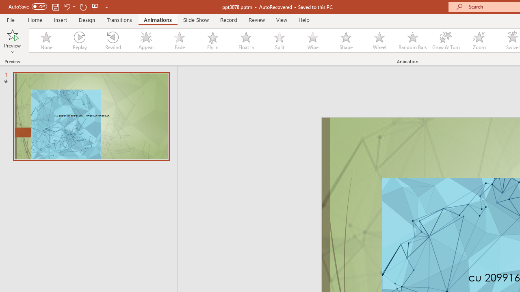  What do you see at coordinates (279, 41) in the screenshot?
I see `'Split'` at bounding box center [279, 41].